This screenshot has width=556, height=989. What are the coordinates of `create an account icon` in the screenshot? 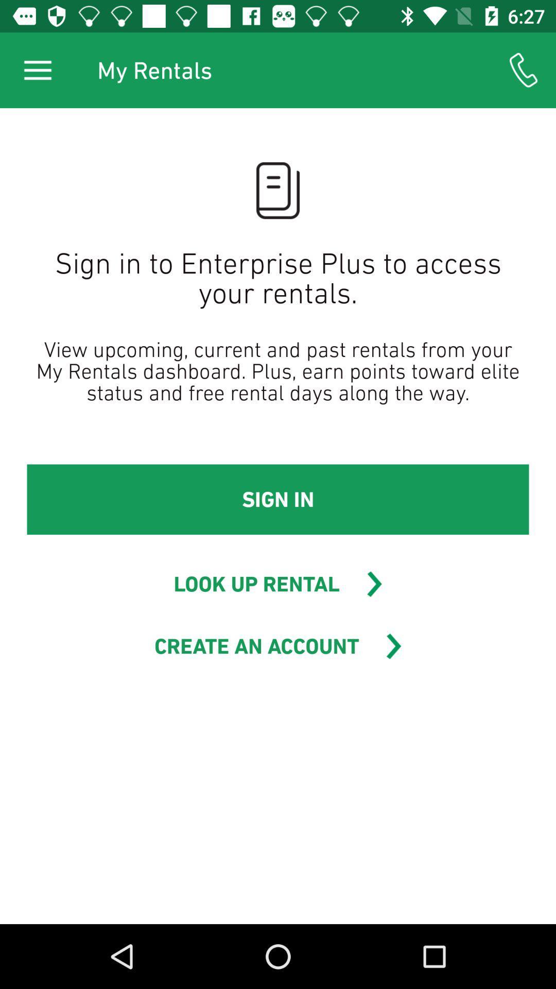 It's located at (256, 645).